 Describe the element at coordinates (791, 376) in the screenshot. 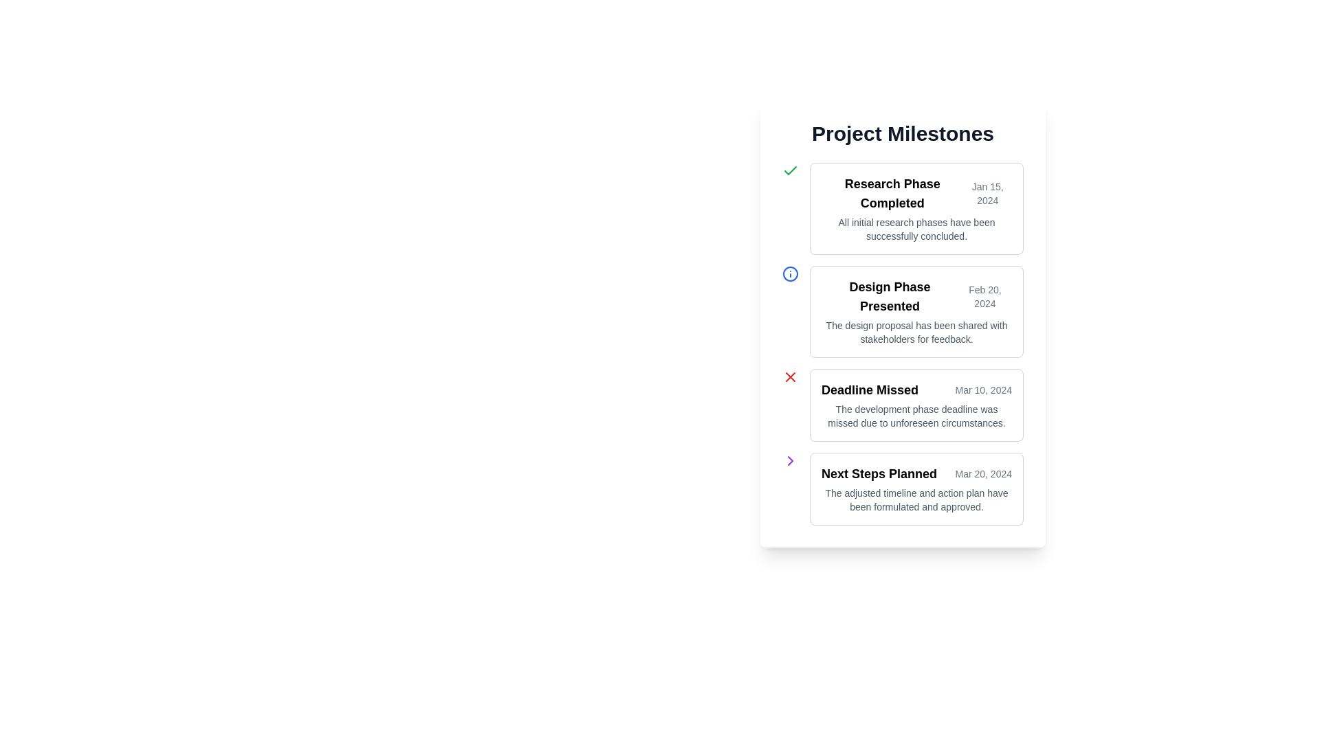

I see `the red 'X' icon indicating an issue with the milestone titled 'Deadline Missed'` at that location.